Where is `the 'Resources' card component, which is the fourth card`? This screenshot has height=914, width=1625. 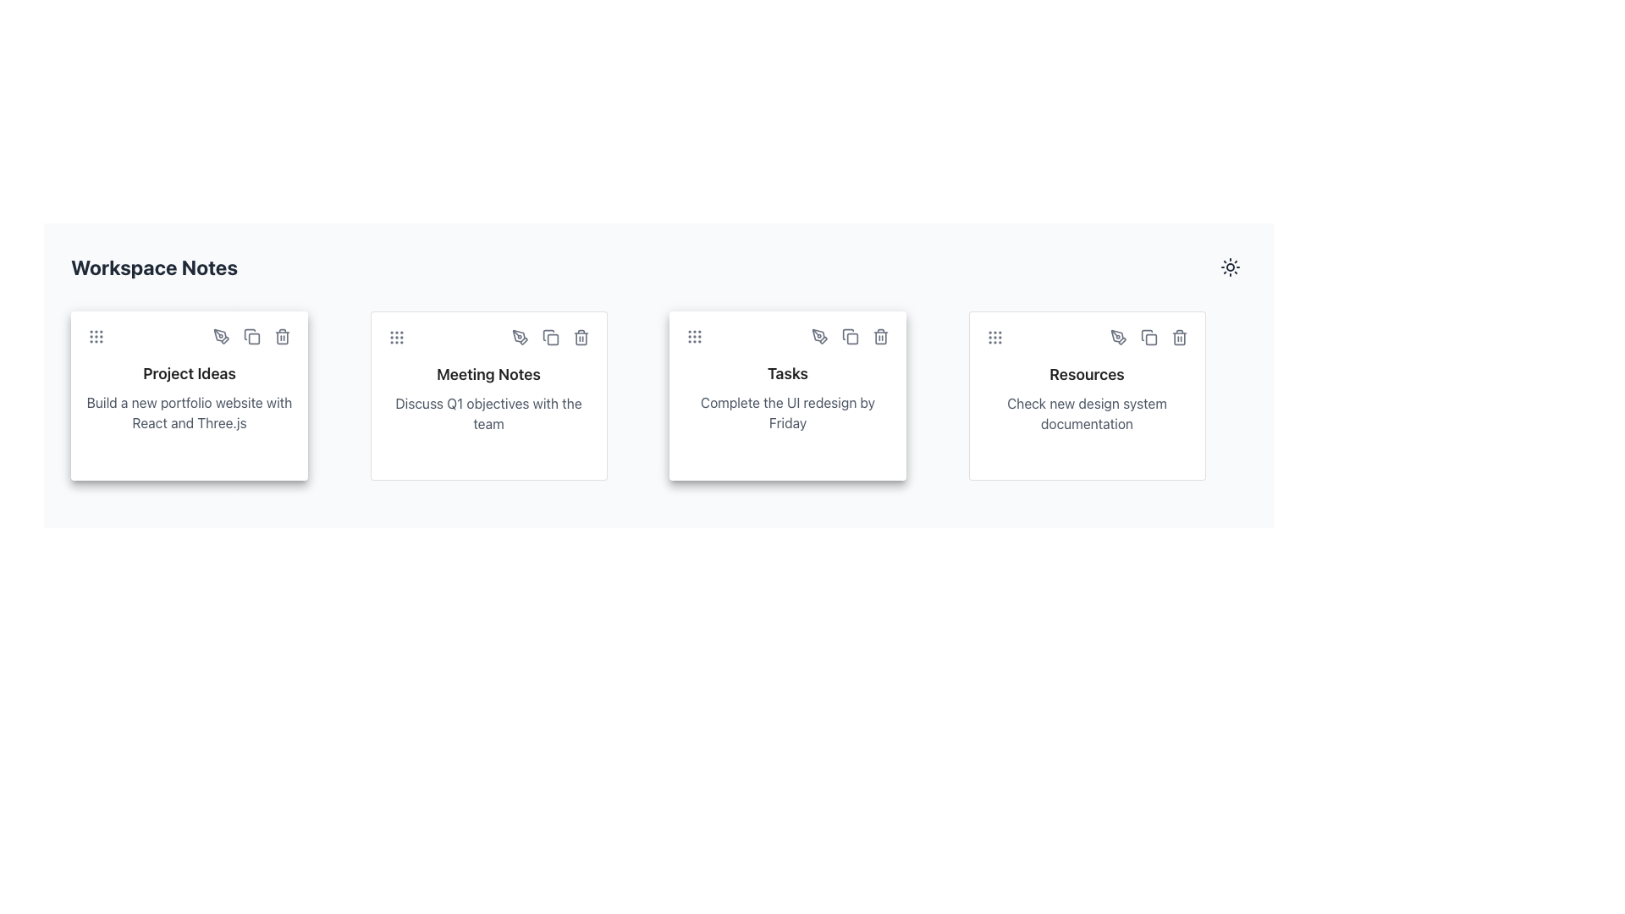 the 'Resources' card component, which is the fourth card is located at coordinates (1087, 395).